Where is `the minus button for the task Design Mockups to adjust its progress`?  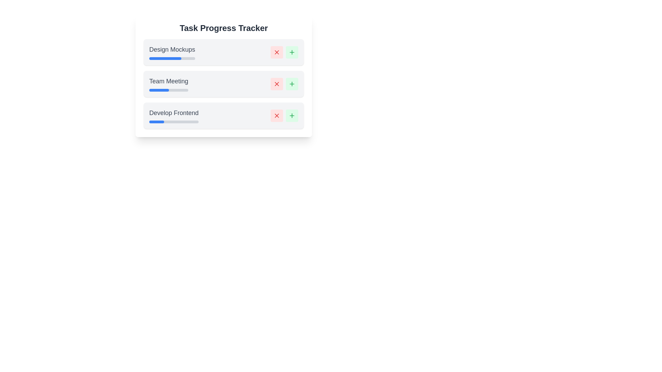 the minus button for the task Design Mockups to adjust its progress is located at coordinates (277, 52).